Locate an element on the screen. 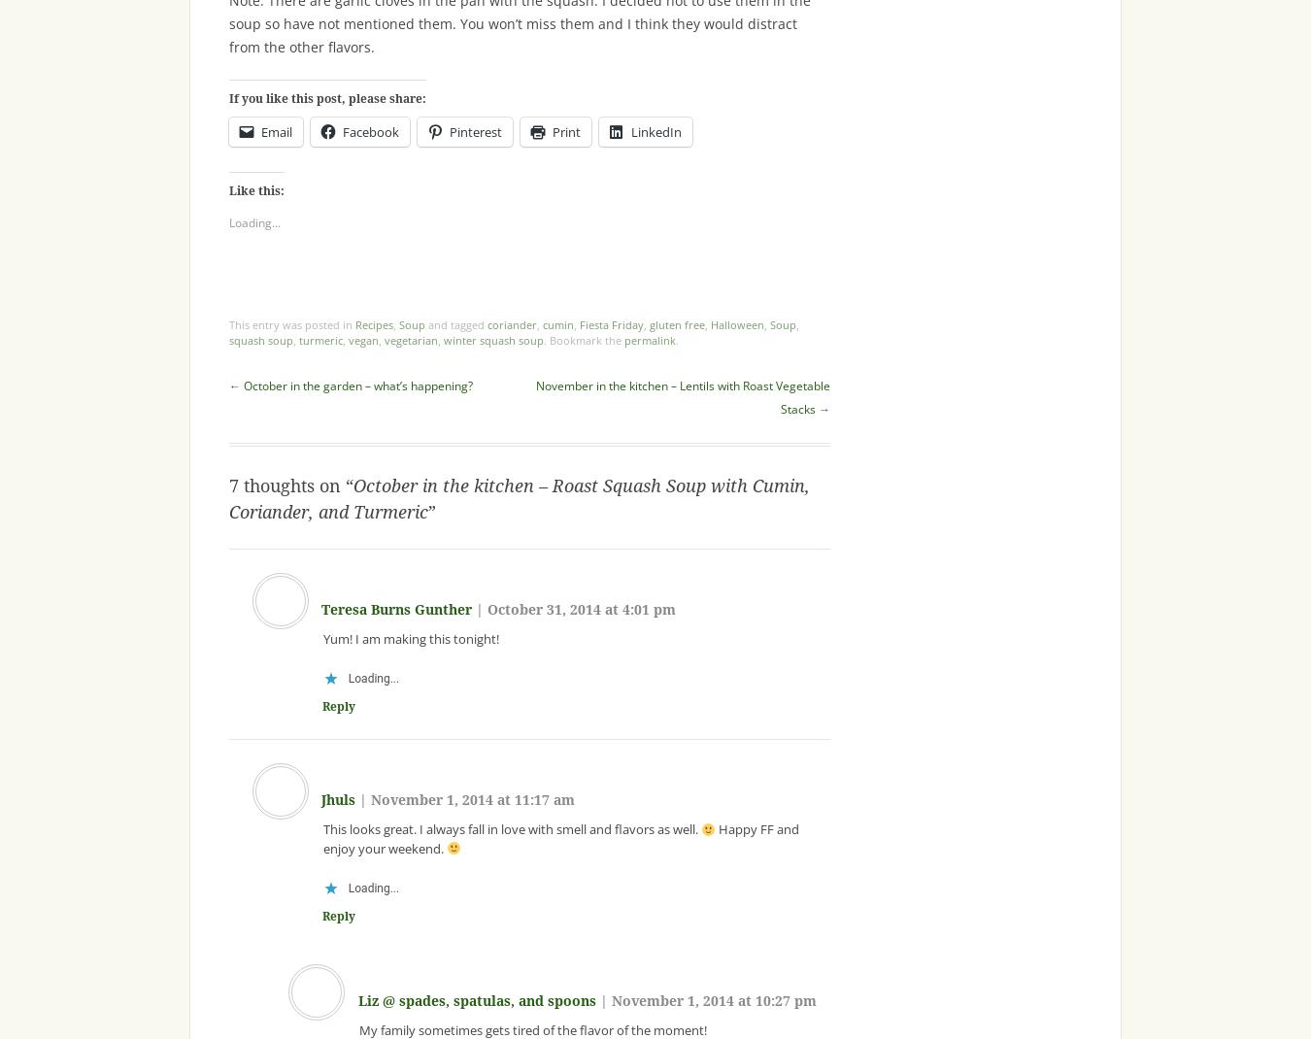  'squash soup' is located at coordinates (260, 340).